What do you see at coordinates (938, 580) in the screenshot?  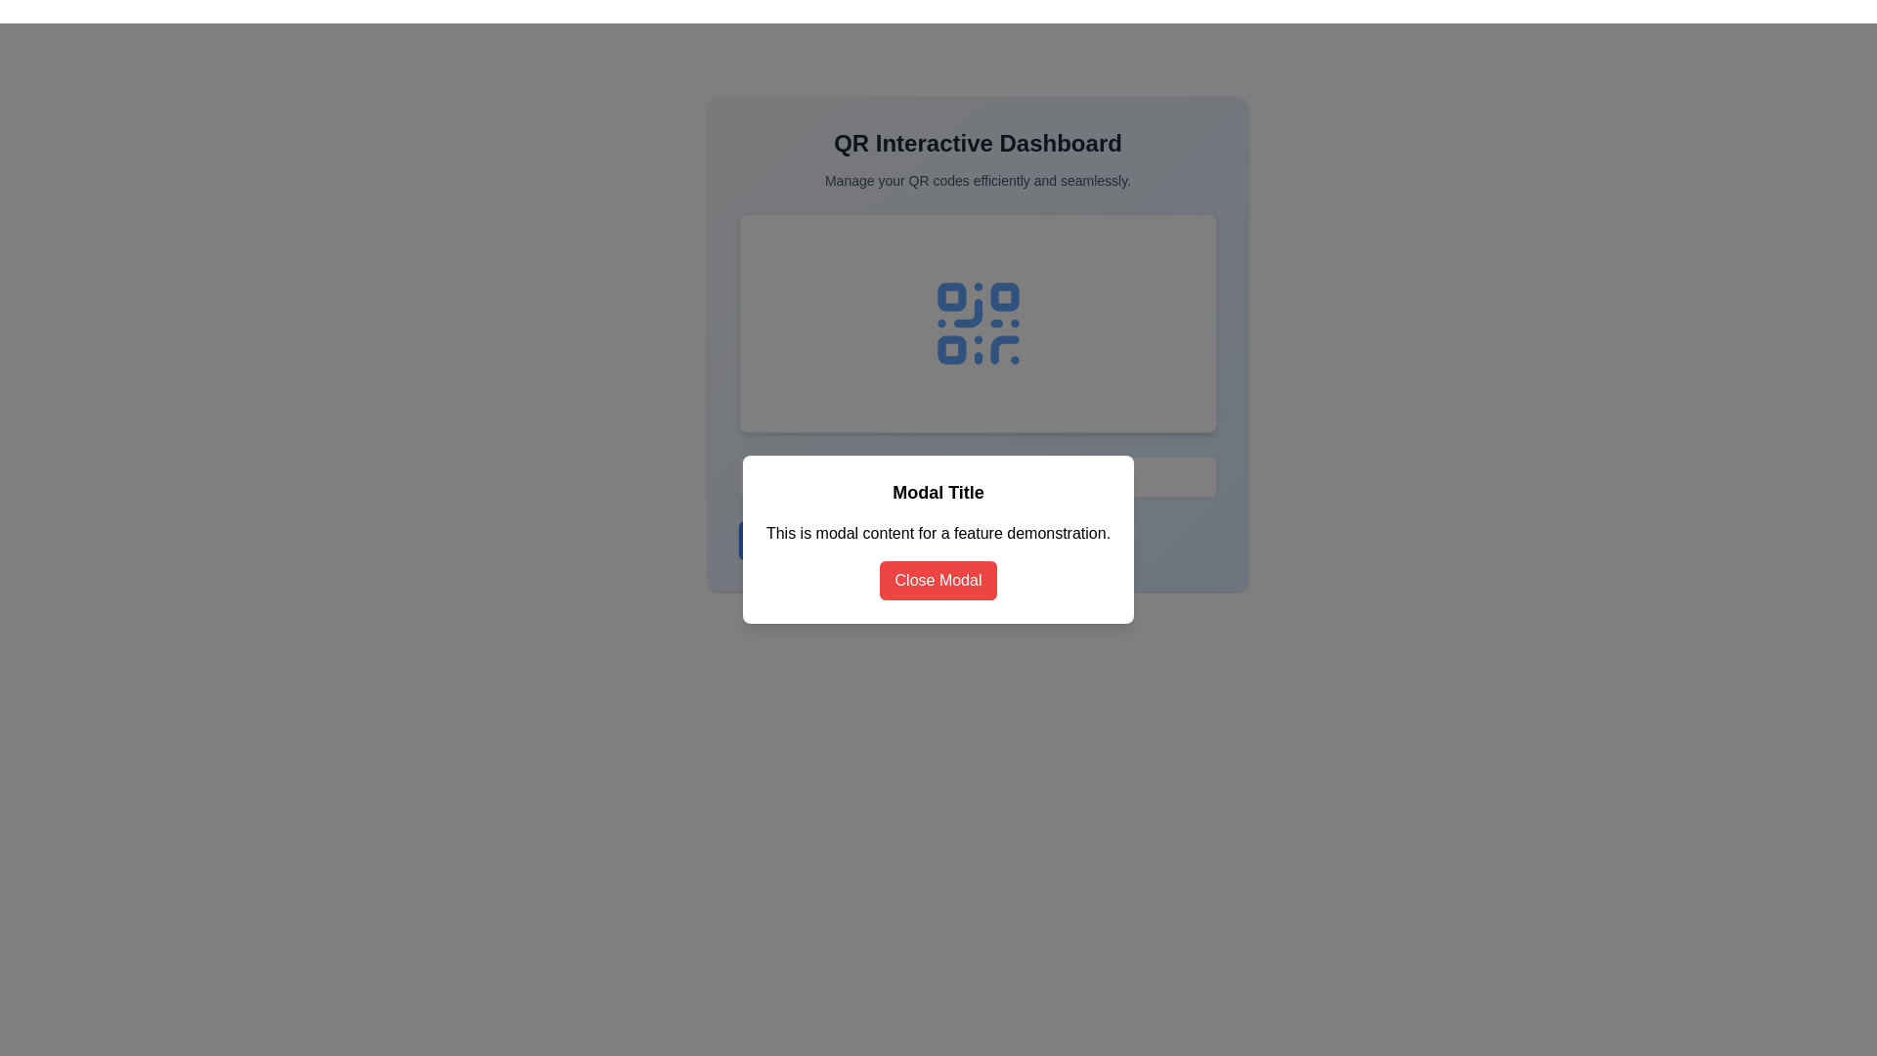 I see `the close button located at the bottom of the modal window to observe its hover effects, which indicate its interactive functionality` at bounding box center [938, 580].